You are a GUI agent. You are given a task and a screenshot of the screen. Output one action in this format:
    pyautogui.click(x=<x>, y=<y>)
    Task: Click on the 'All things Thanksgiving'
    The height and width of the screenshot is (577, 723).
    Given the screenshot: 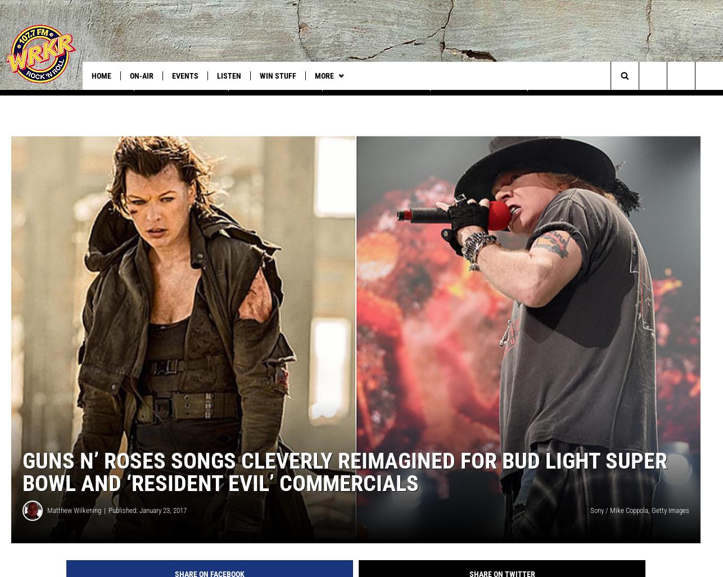 What is the action you would take?
    pyautogui.click(x=376, y=98)
    